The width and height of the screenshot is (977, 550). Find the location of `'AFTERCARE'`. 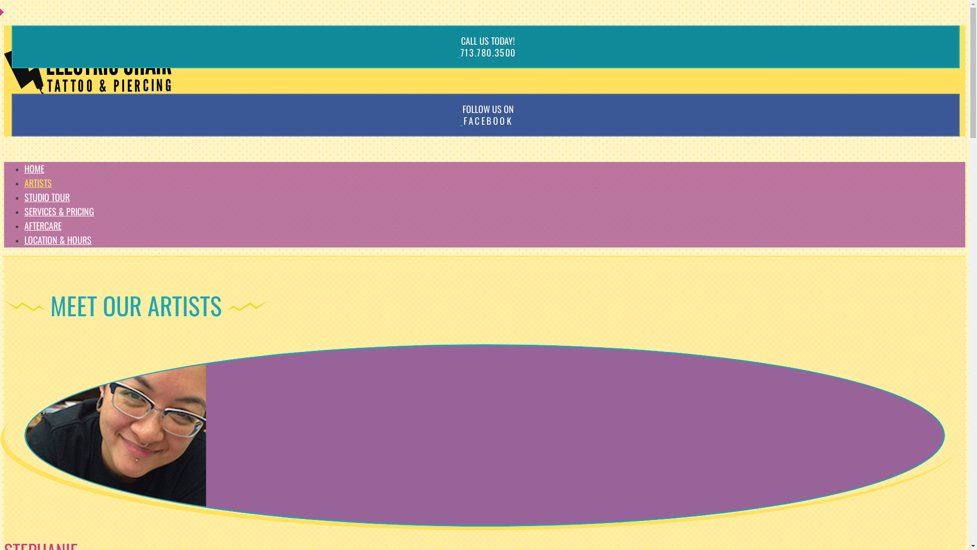

'AFTERCARE' is located at coordinates (42, 225).